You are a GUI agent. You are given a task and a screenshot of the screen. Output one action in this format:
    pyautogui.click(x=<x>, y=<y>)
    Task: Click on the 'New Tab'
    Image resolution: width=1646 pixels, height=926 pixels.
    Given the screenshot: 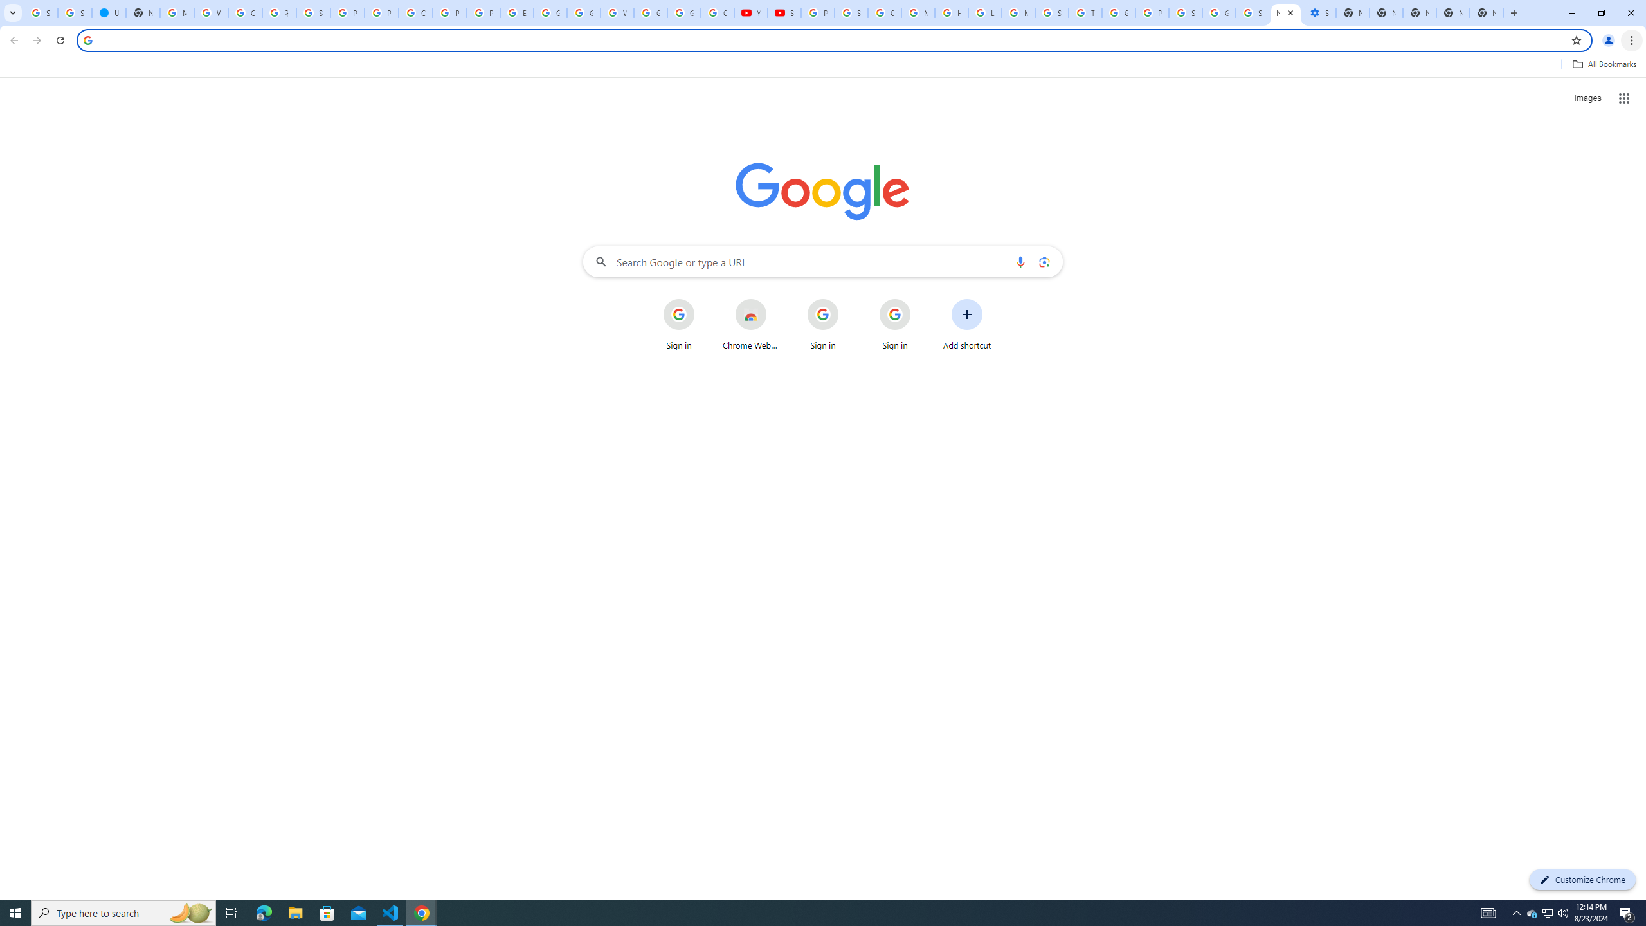 What is the action you would take?
    pyautogui.click(x=1452, y=12)
    